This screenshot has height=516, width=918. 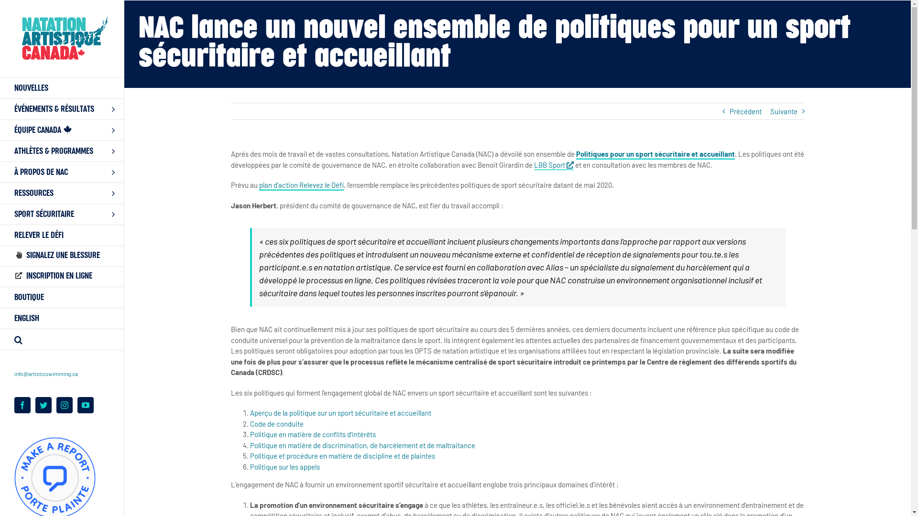 I want to click on 'Politique sur les appels', so click(x=250, y=466).